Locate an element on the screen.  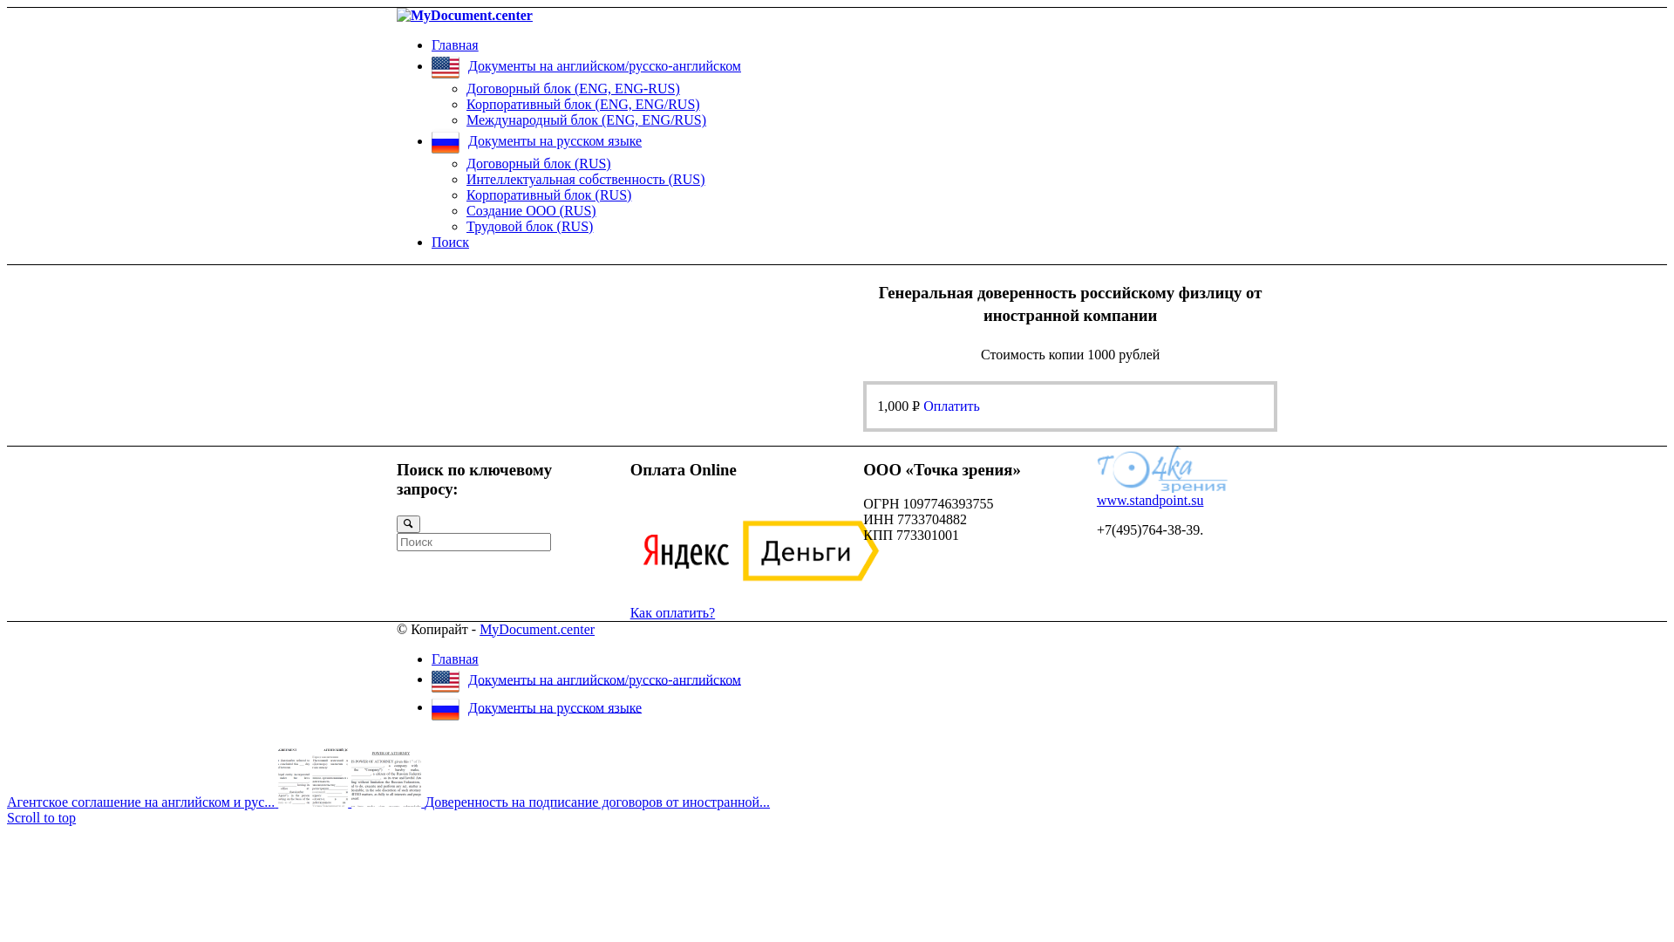
'www.standpoint.su' is located at coordinates (1095, 500).